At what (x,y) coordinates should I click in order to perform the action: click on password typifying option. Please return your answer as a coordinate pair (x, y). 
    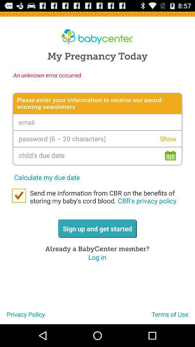
    Looking at the image, I should click on (97, 138).